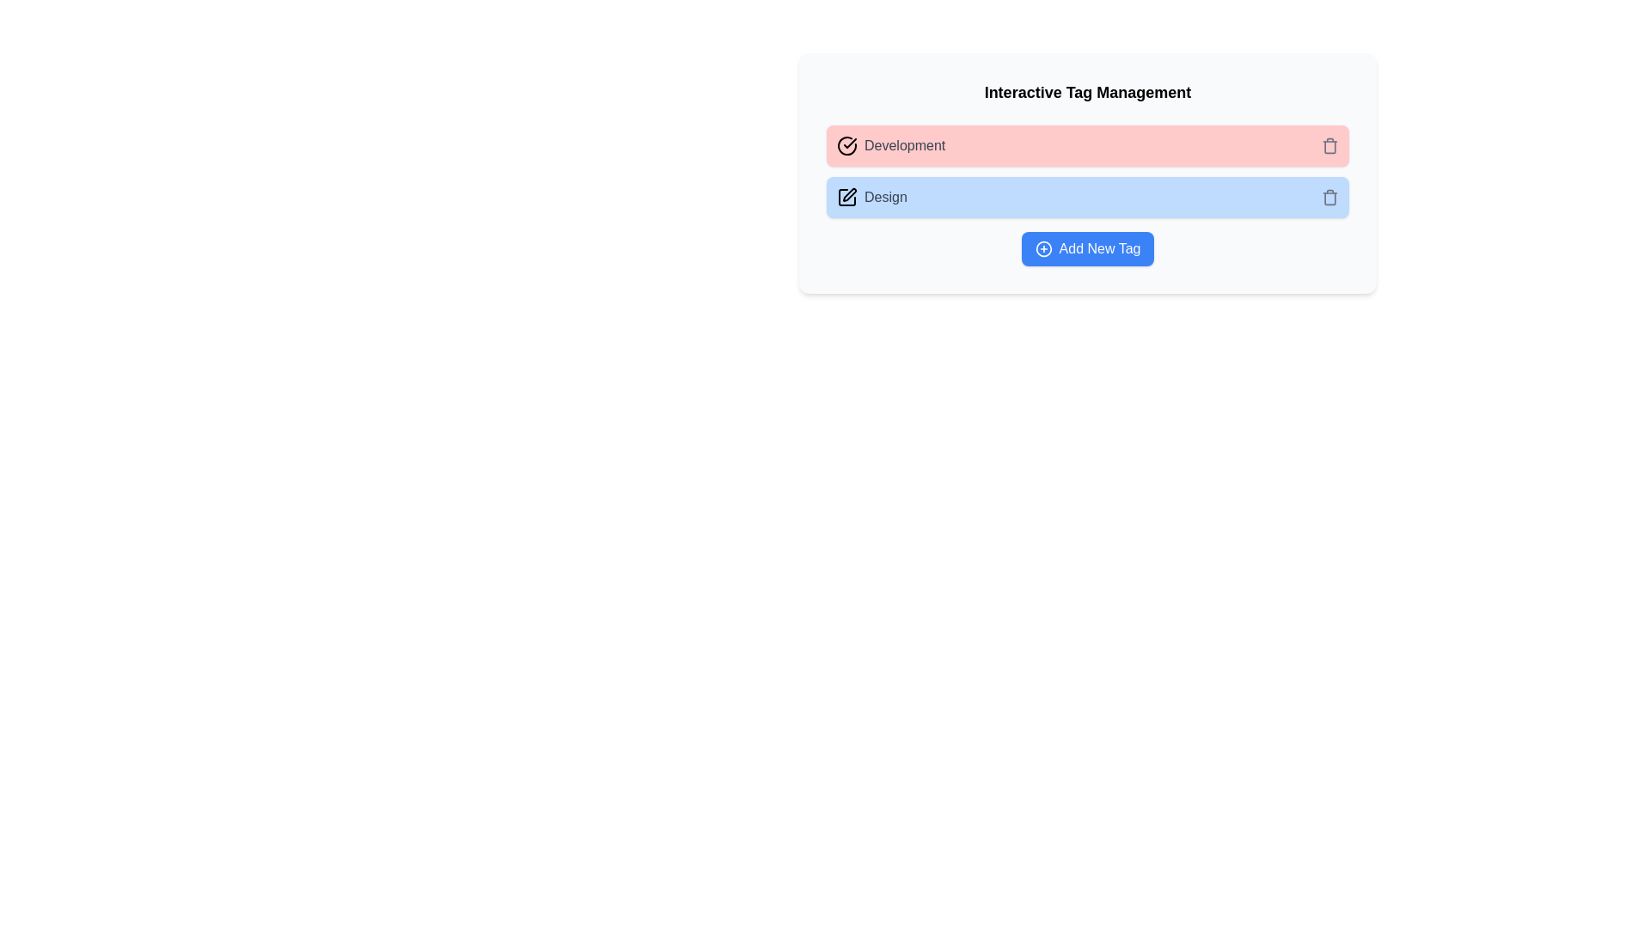 This screenshot has width=1650, height=928. Describe the element at coordinates (1329, 197) in the screenshot. I see `the trash bin icon button located at the rightmost side of the blue-highlighted 'Design' section, which is aligned horizontally with the text 'Design'` at that location.